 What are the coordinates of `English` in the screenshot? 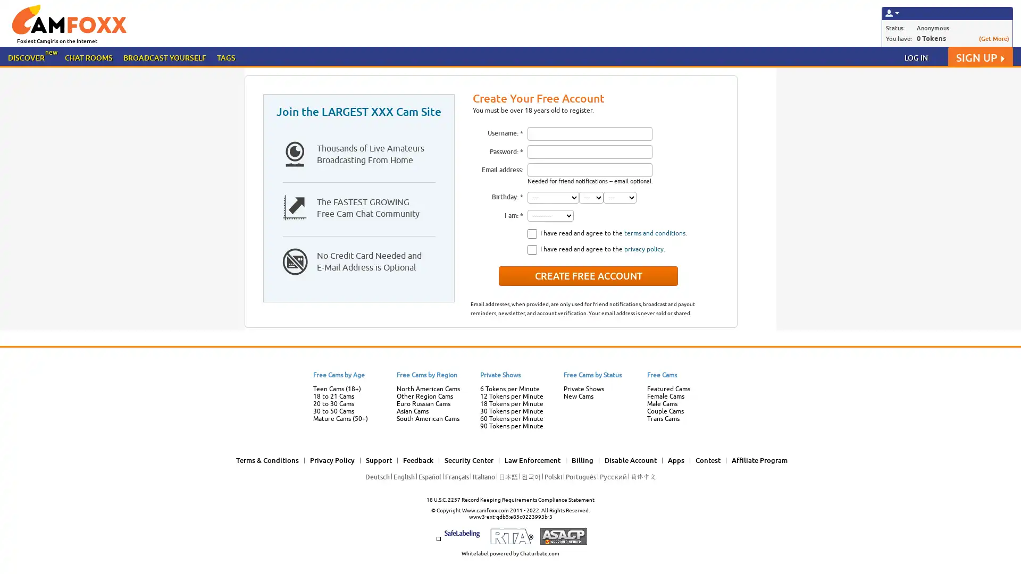 It's located at (403, 477).